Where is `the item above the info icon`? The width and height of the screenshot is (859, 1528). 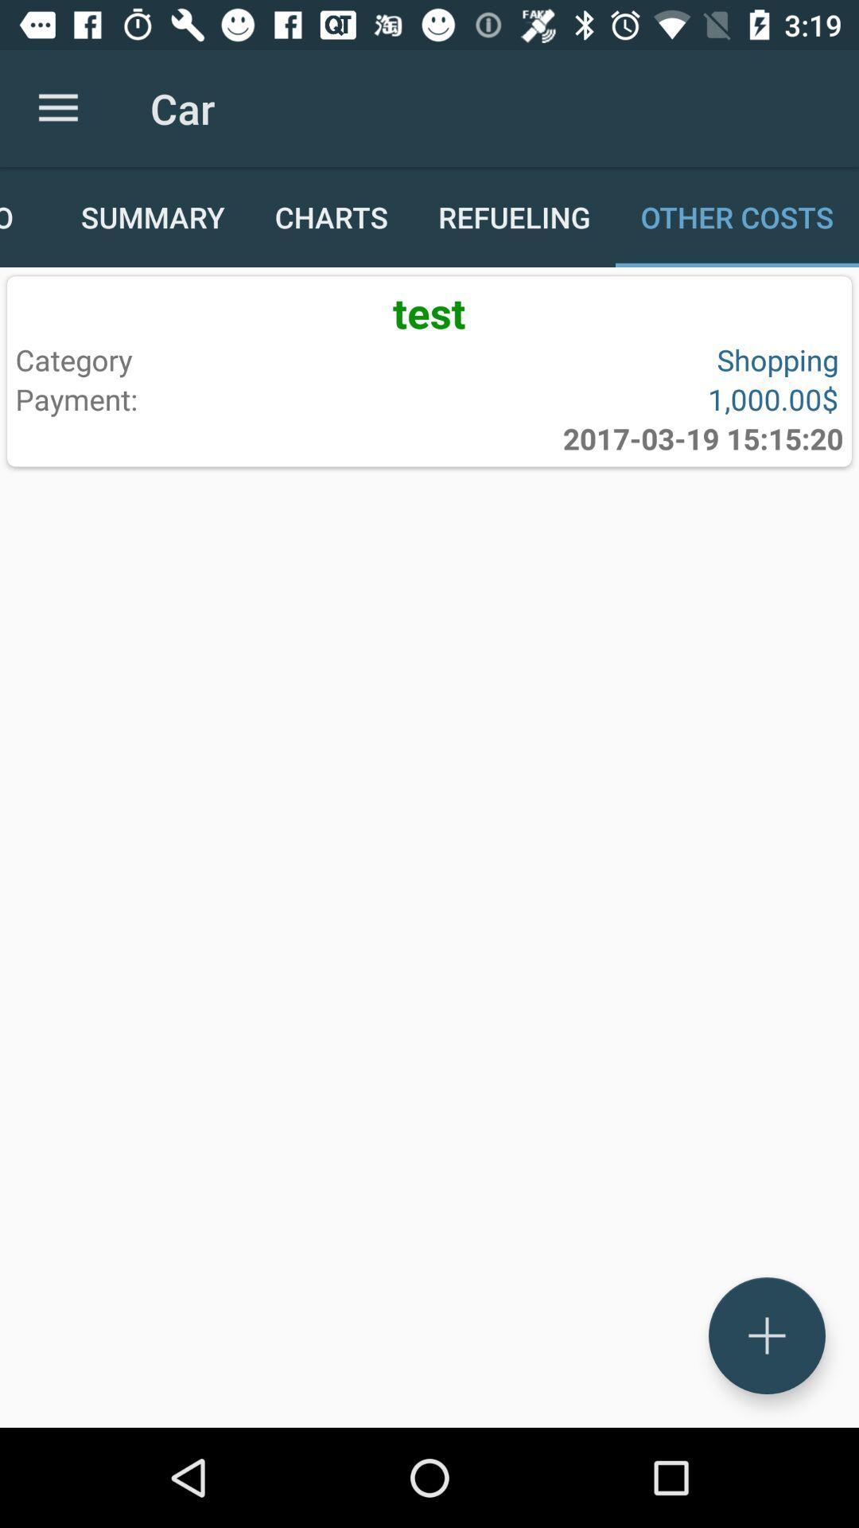
the item above the info icon is located at coordinates (57, 107).